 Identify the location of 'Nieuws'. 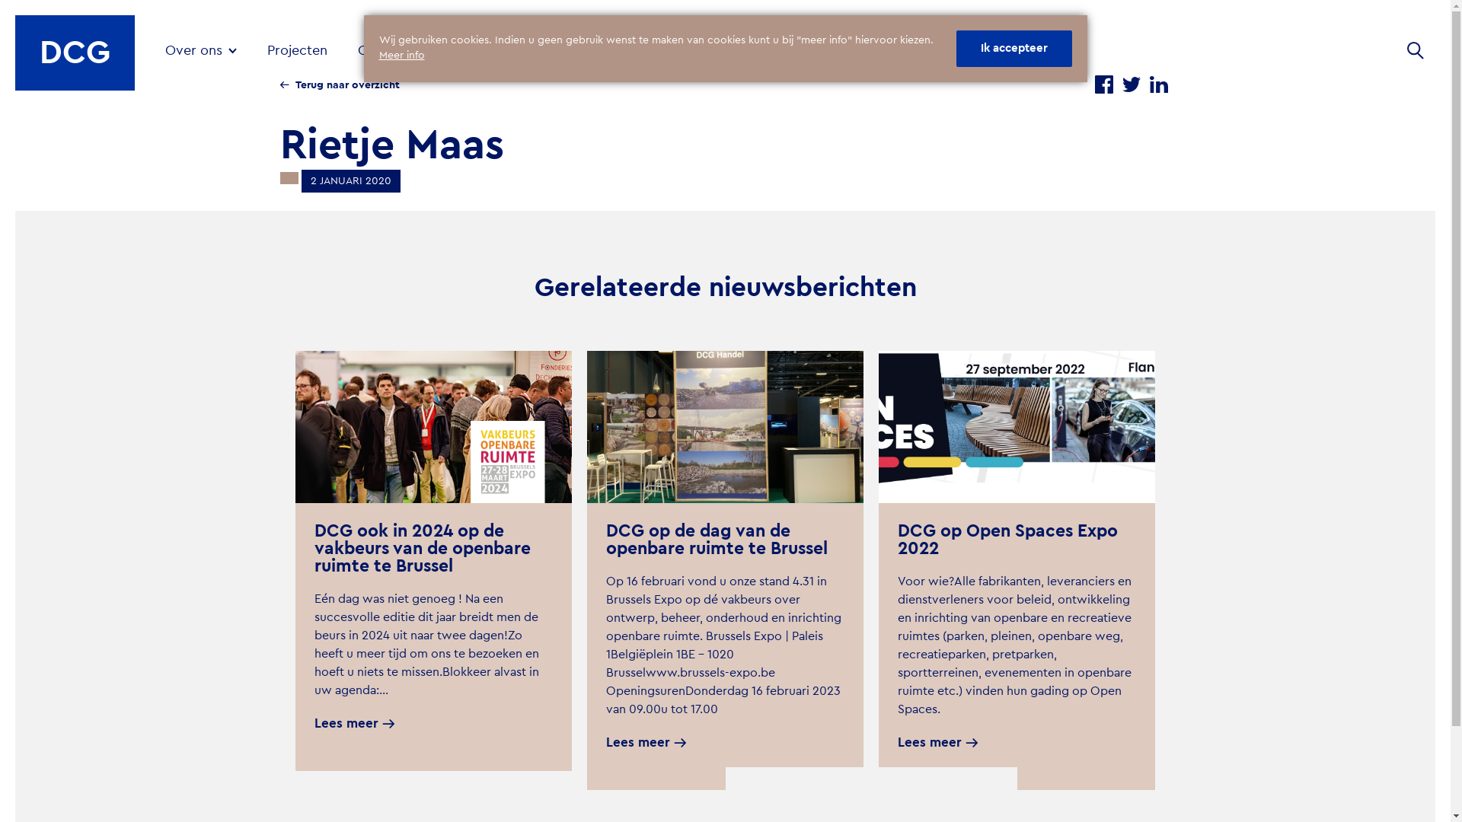
(503, 49).